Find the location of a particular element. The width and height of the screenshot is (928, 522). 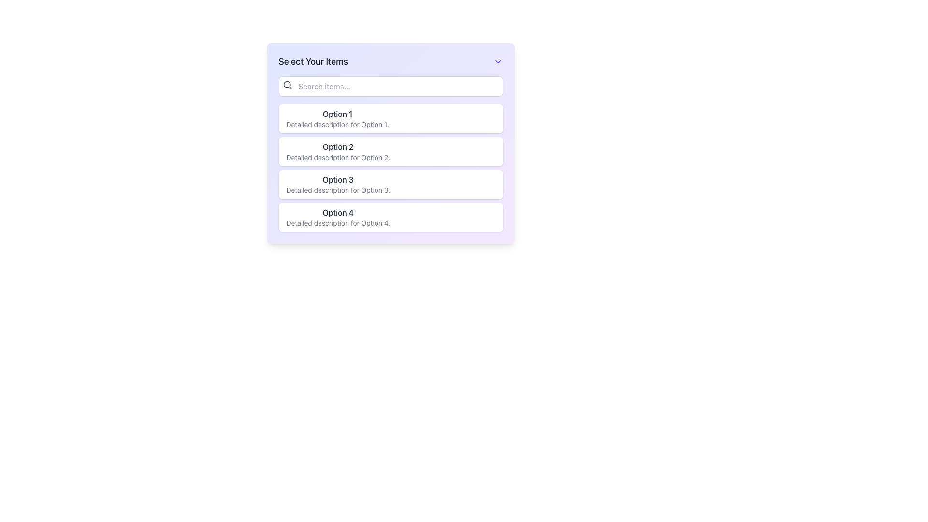

descriptive text element displaying 'Detailed description for Option 4.' located below the label 'Option 4' in the list interface to get additional information about Option 4 is located at coordinates (338, 223).